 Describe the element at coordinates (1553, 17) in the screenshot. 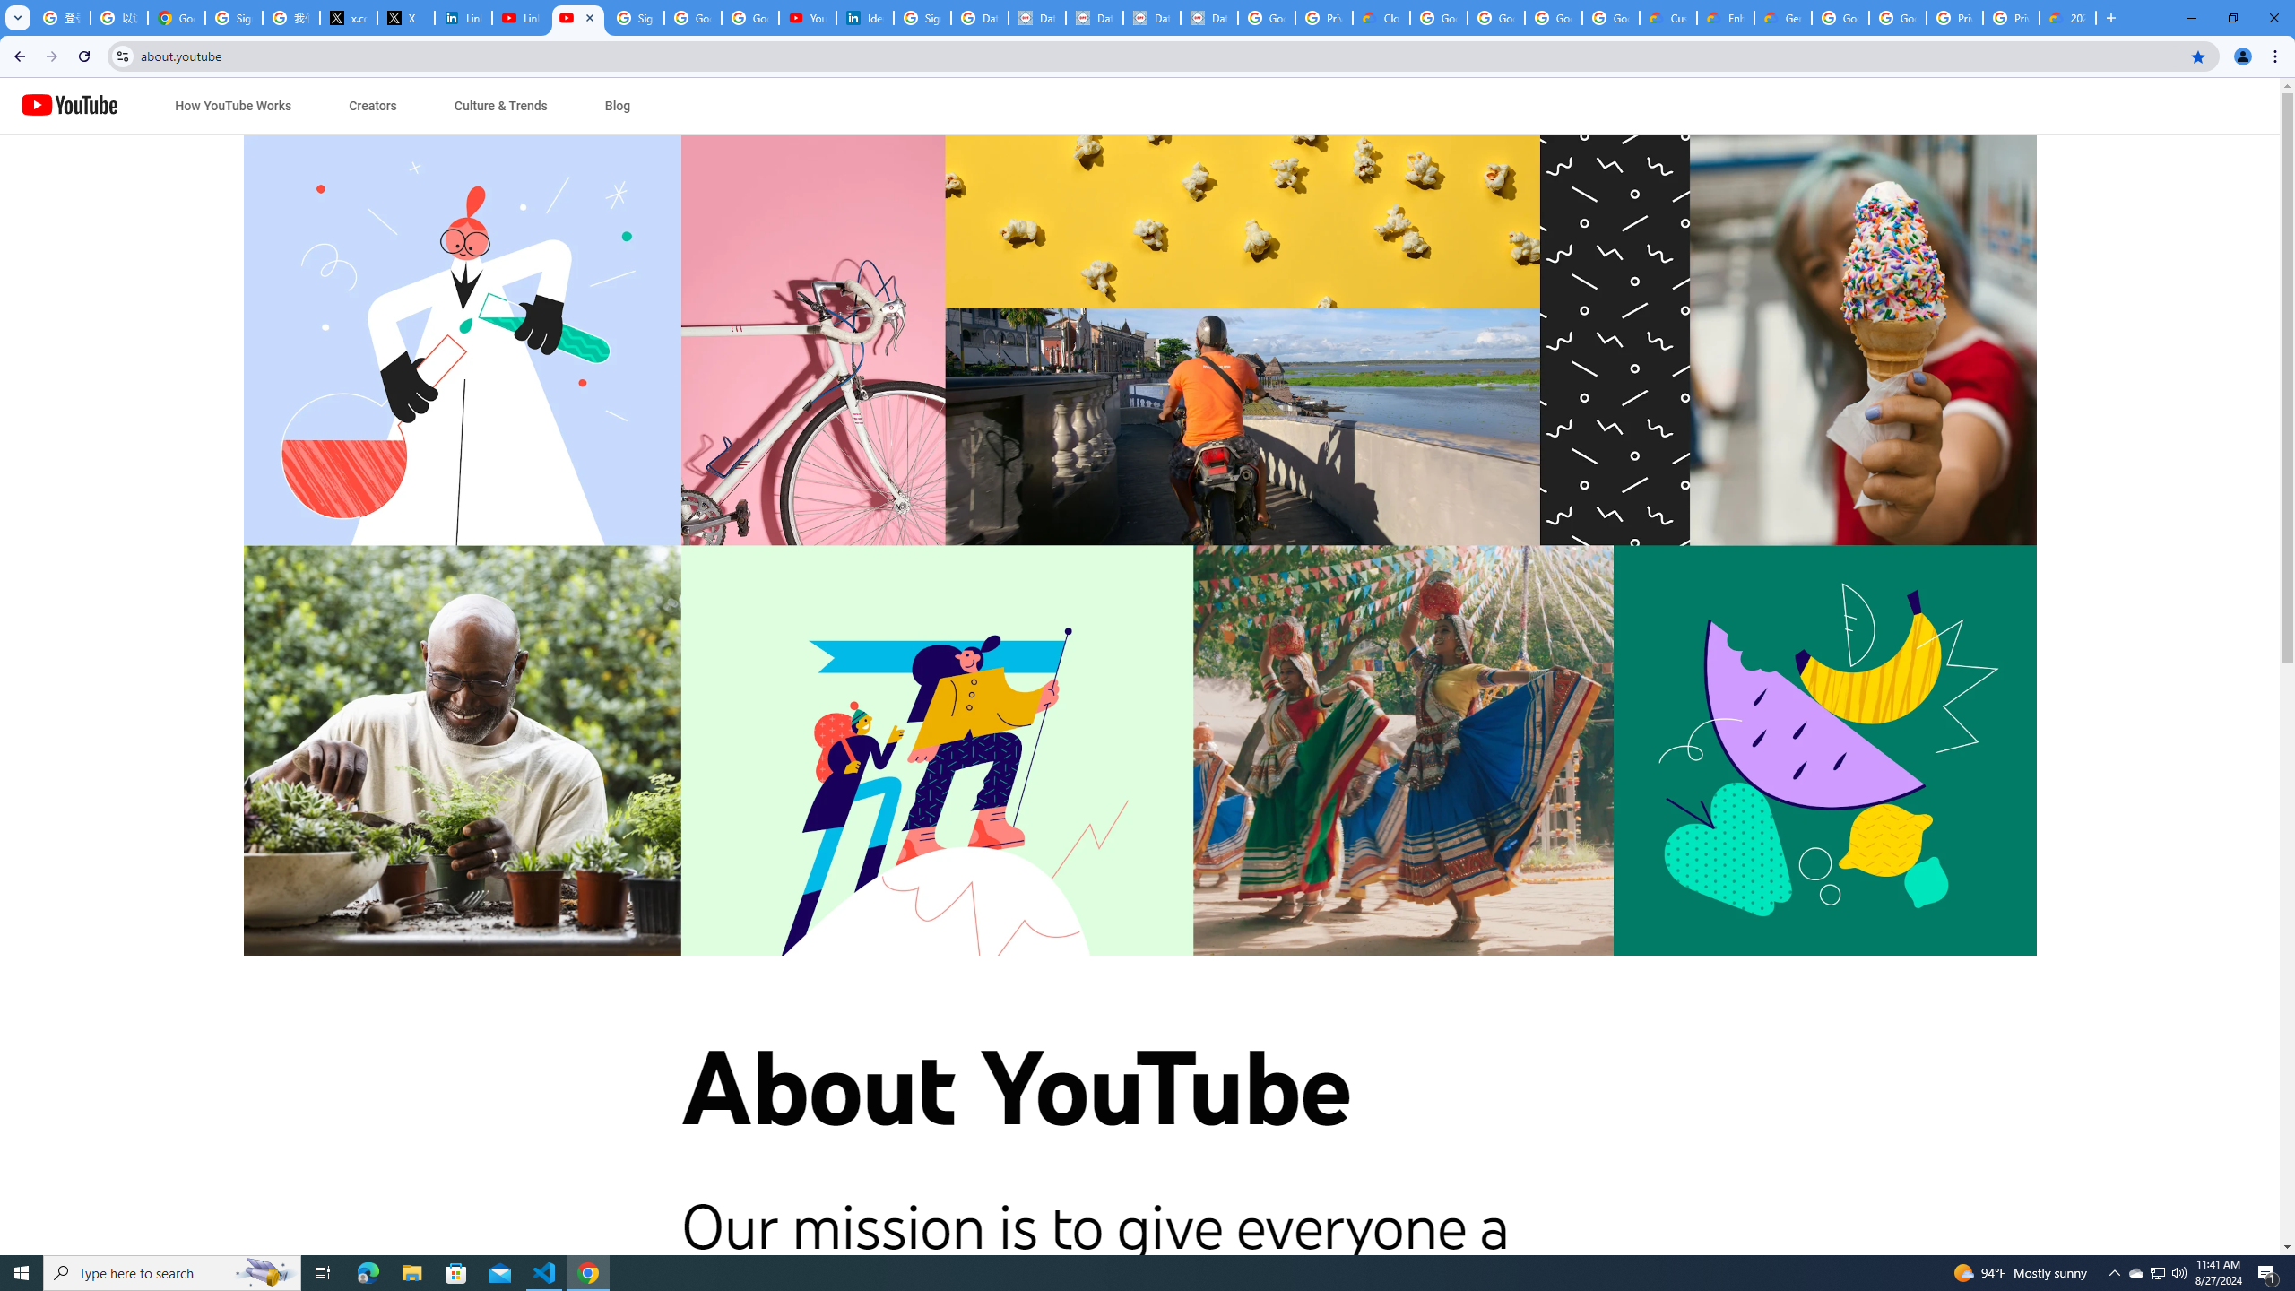

I see `'Google Workspace - Specific Terms'` at that location.